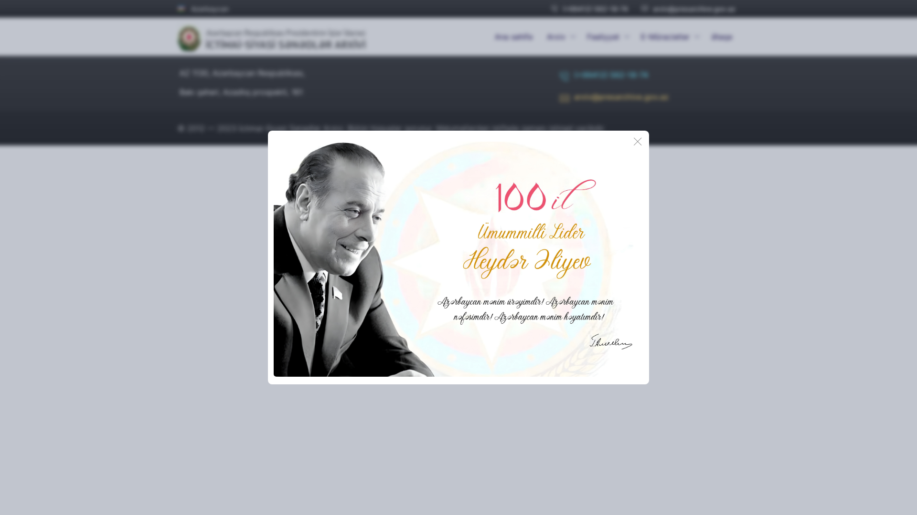 Image resolution: width=917 pixels, height=515 pixels. I want to click on 'Arxiv', so click(559, 36).